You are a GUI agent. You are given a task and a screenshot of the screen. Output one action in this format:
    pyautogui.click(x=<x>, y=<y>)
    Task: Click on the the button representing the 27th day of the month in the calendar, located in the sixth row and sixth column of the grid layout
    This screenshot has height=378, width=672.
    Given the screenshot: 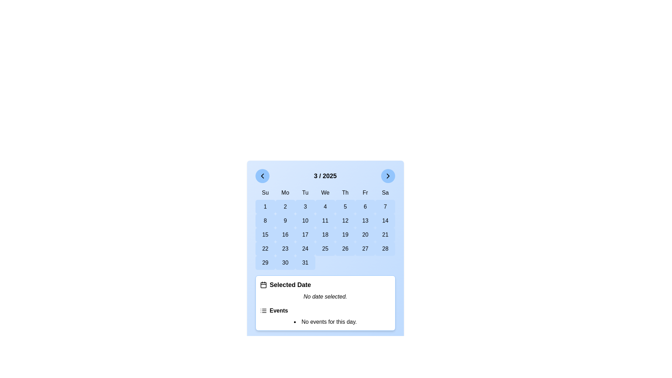 What is the action you would take?
    pyautogui.click(x=365, y=248)
    